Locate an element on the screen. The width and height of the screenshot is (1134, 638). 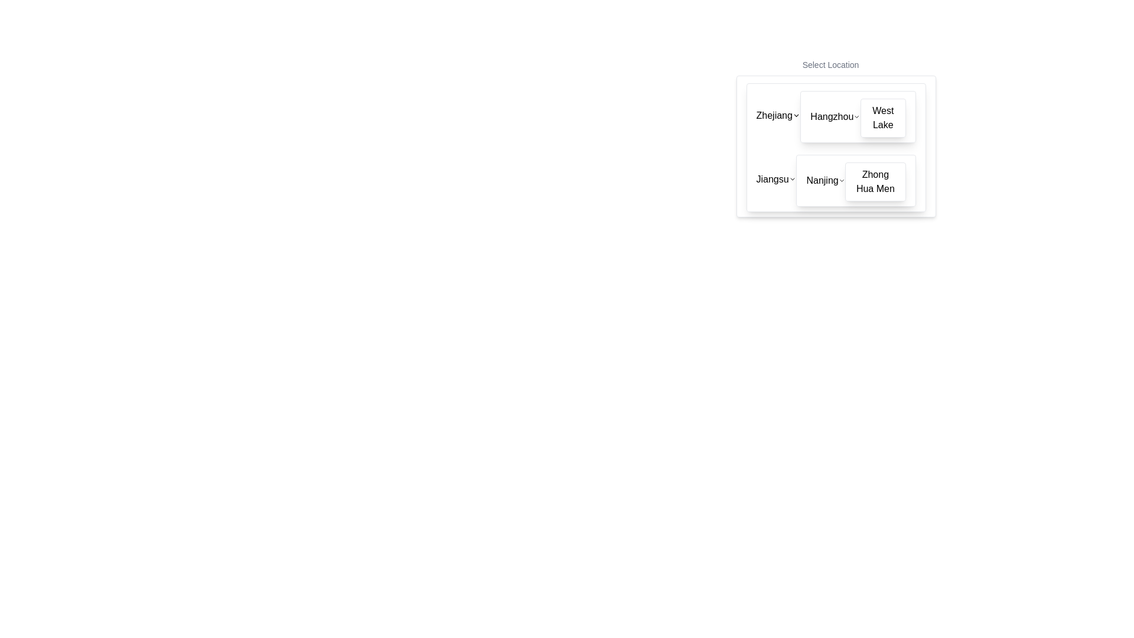
the 'Zhong Hua Men' dropdown menu item located in the lower-right section of the 'Nanjing' dropdown under the 'Jiangsu' group is located at coordinates (875, 182).